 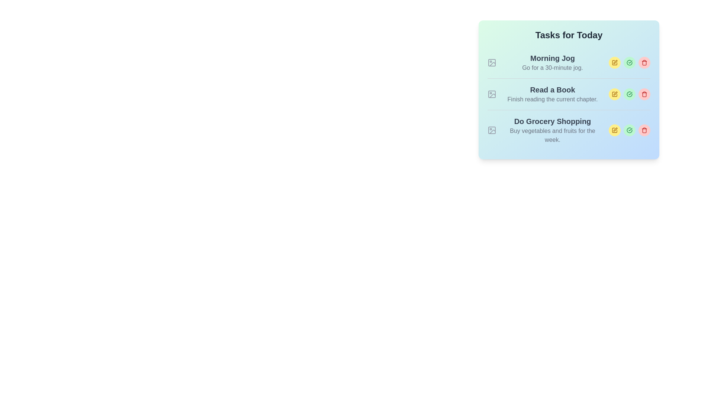 I want to click on the leftmost Edit Button icon with a pen symbol inside a yellow background to initiate task editing for the 'Do Grocery Shopping' task, so click(x=614, y=130).